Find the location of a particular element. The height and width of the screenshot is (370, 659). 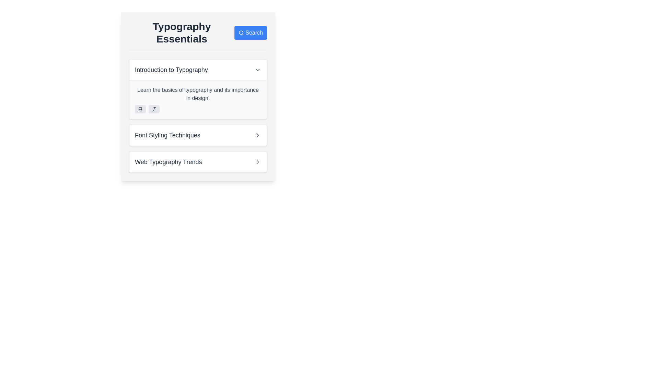

the third list item titled 'Web Typography Trends' which has light gray text on a white background is located at coordinates (197, 162).